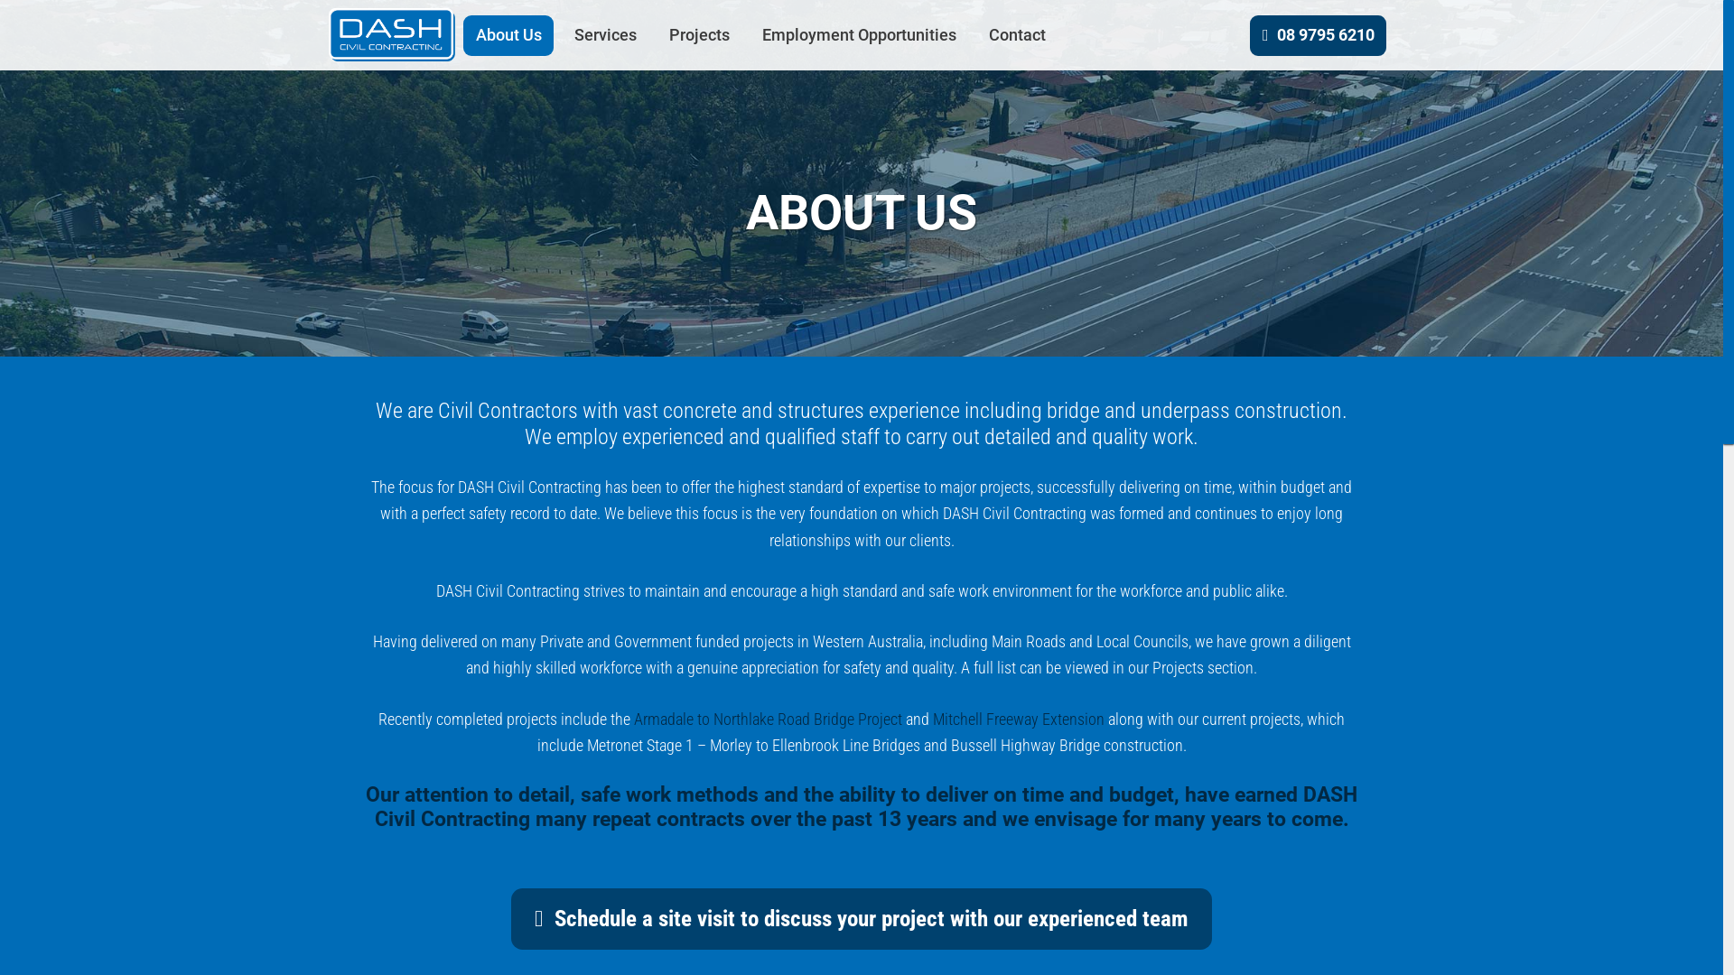 This screenshot has width=1734, height=975. I want to click on 'Mitchell Freeway Extension', so click(1019, 718).